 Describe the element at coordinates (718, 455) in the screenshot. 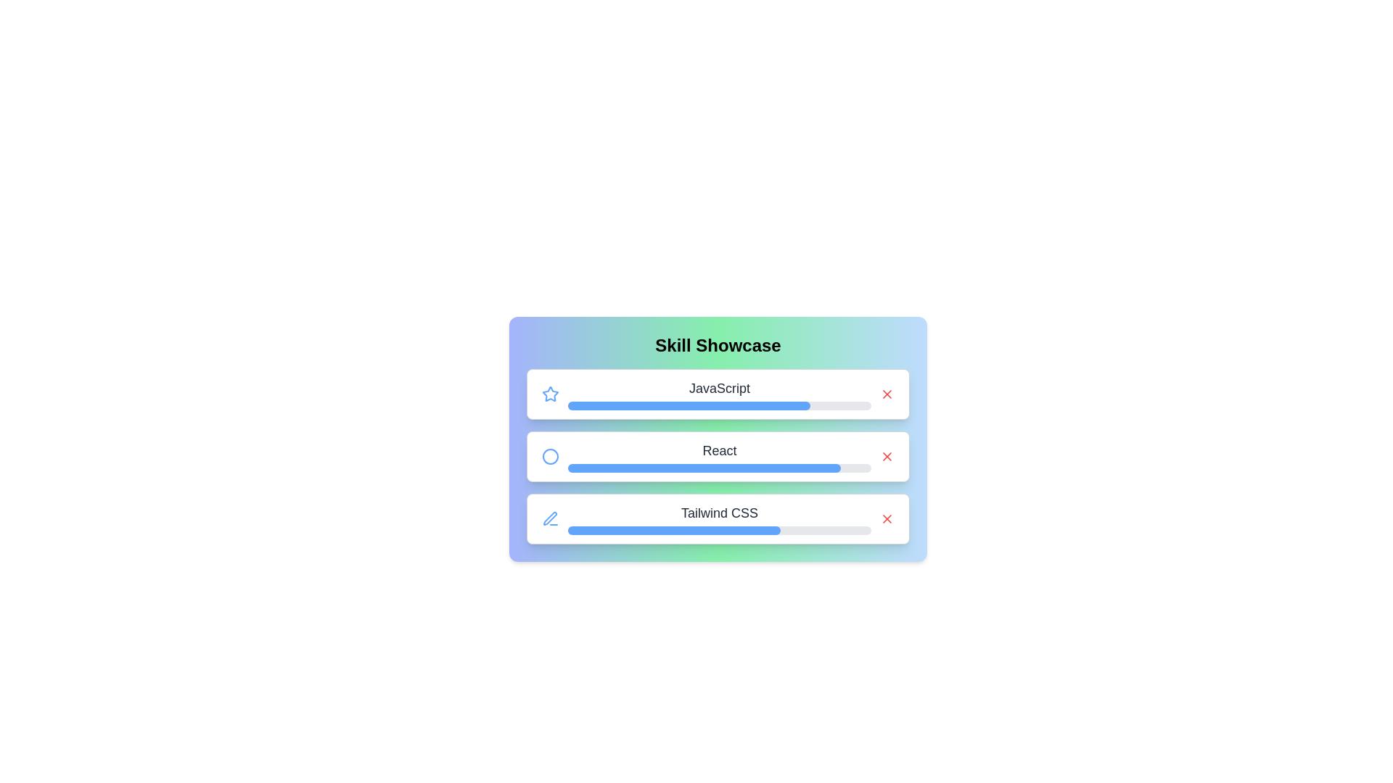

I see `the skill item React to display its tooltip` at that location.